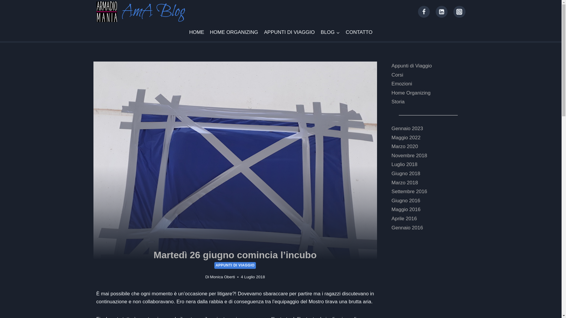 The height and width of the screenshot is (318, 566). Describe the element at coordinates (402, 84) in the screenshot. I see `'Emozioni'` at that location.